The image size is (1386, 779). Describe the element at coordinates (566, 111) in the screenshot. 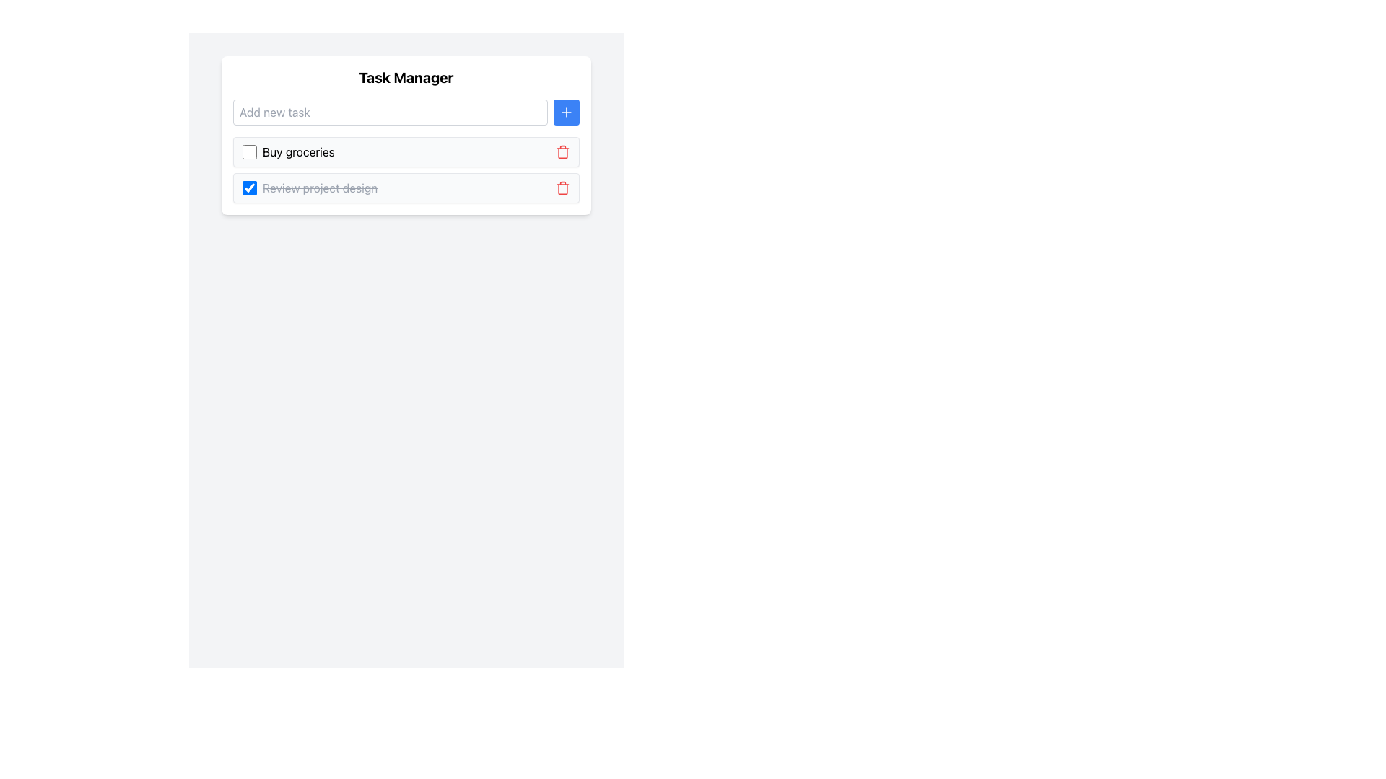

I see `the button located at the right end of the top bar` at that location.